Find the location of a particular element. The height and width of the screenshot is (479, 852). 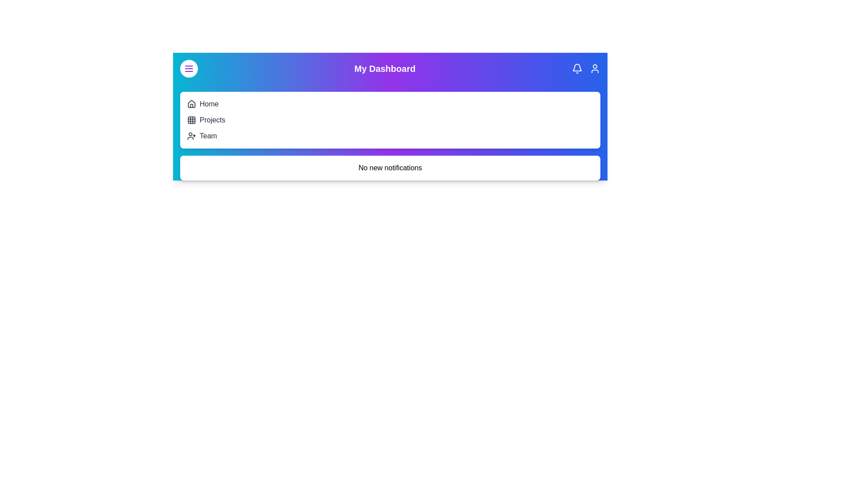

the 'Projects' navigation item in the navigation menu is located at coordinates (212, 120).